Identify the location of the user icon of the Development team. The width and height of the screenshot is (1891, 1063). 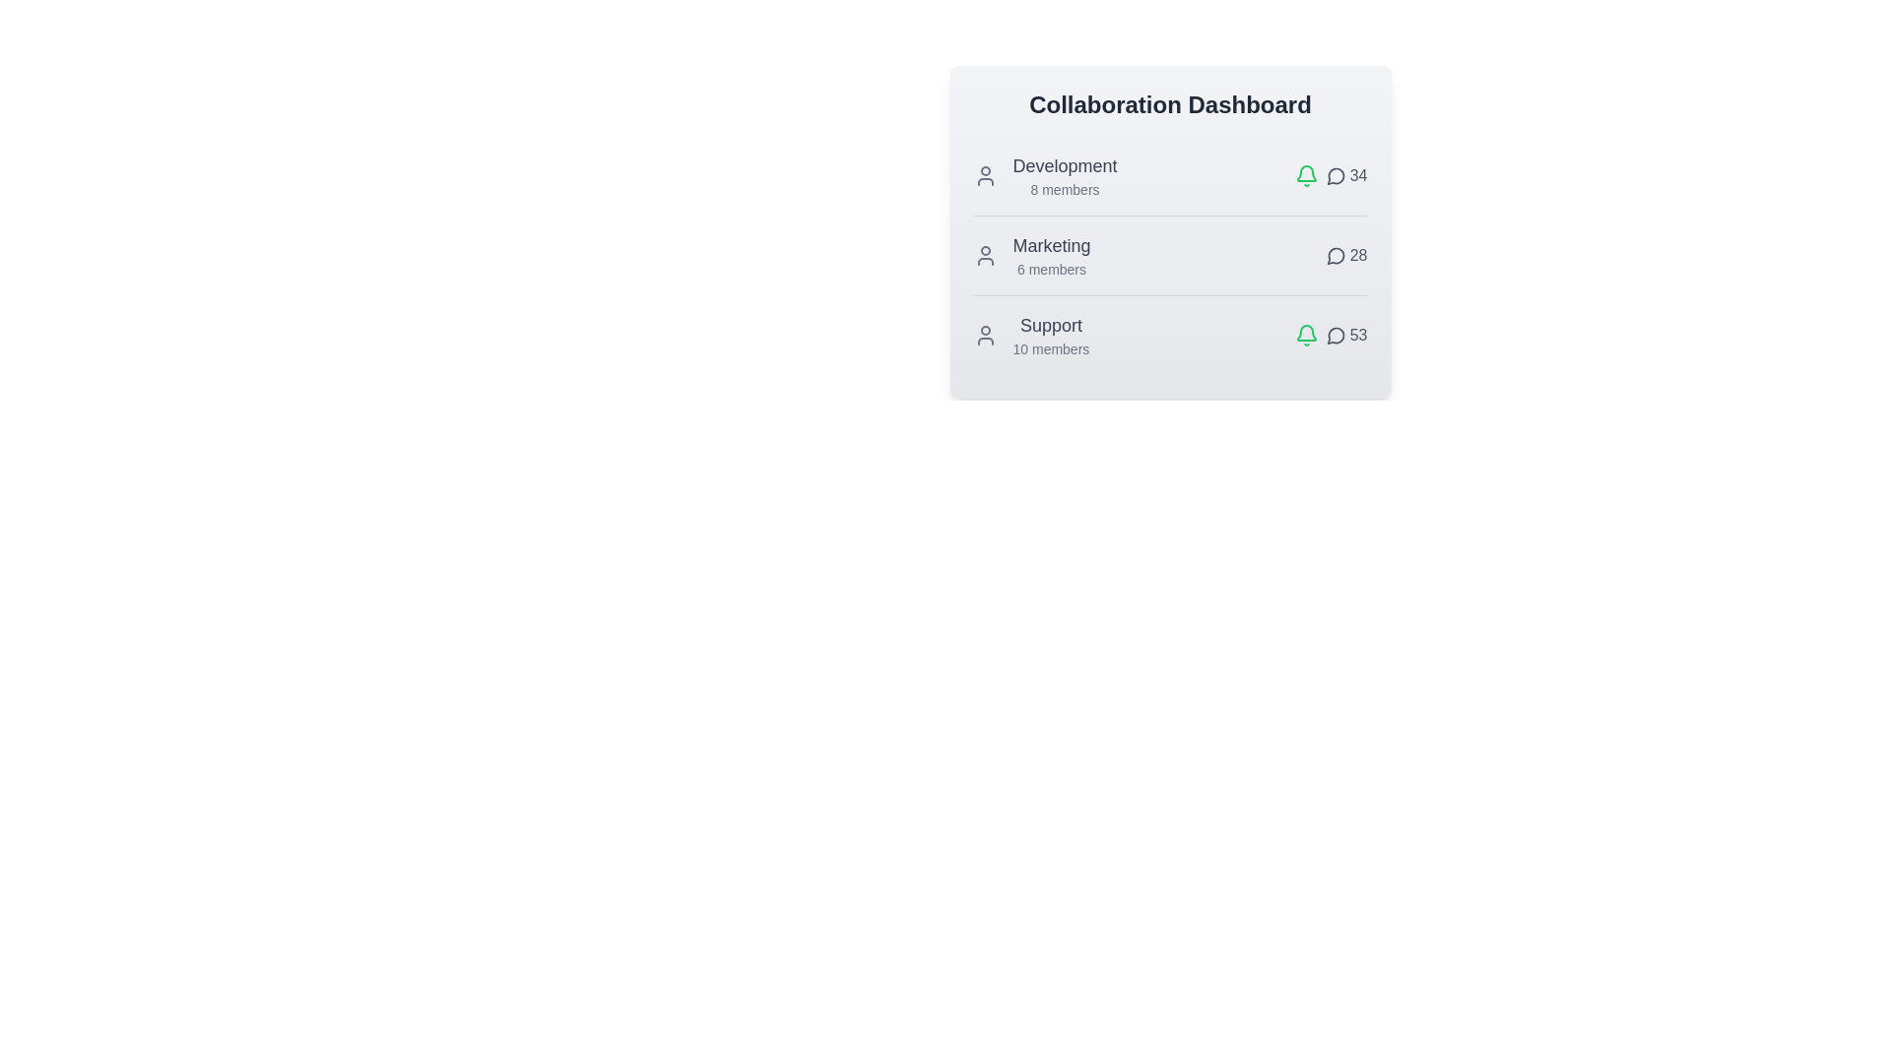
(985, 174).